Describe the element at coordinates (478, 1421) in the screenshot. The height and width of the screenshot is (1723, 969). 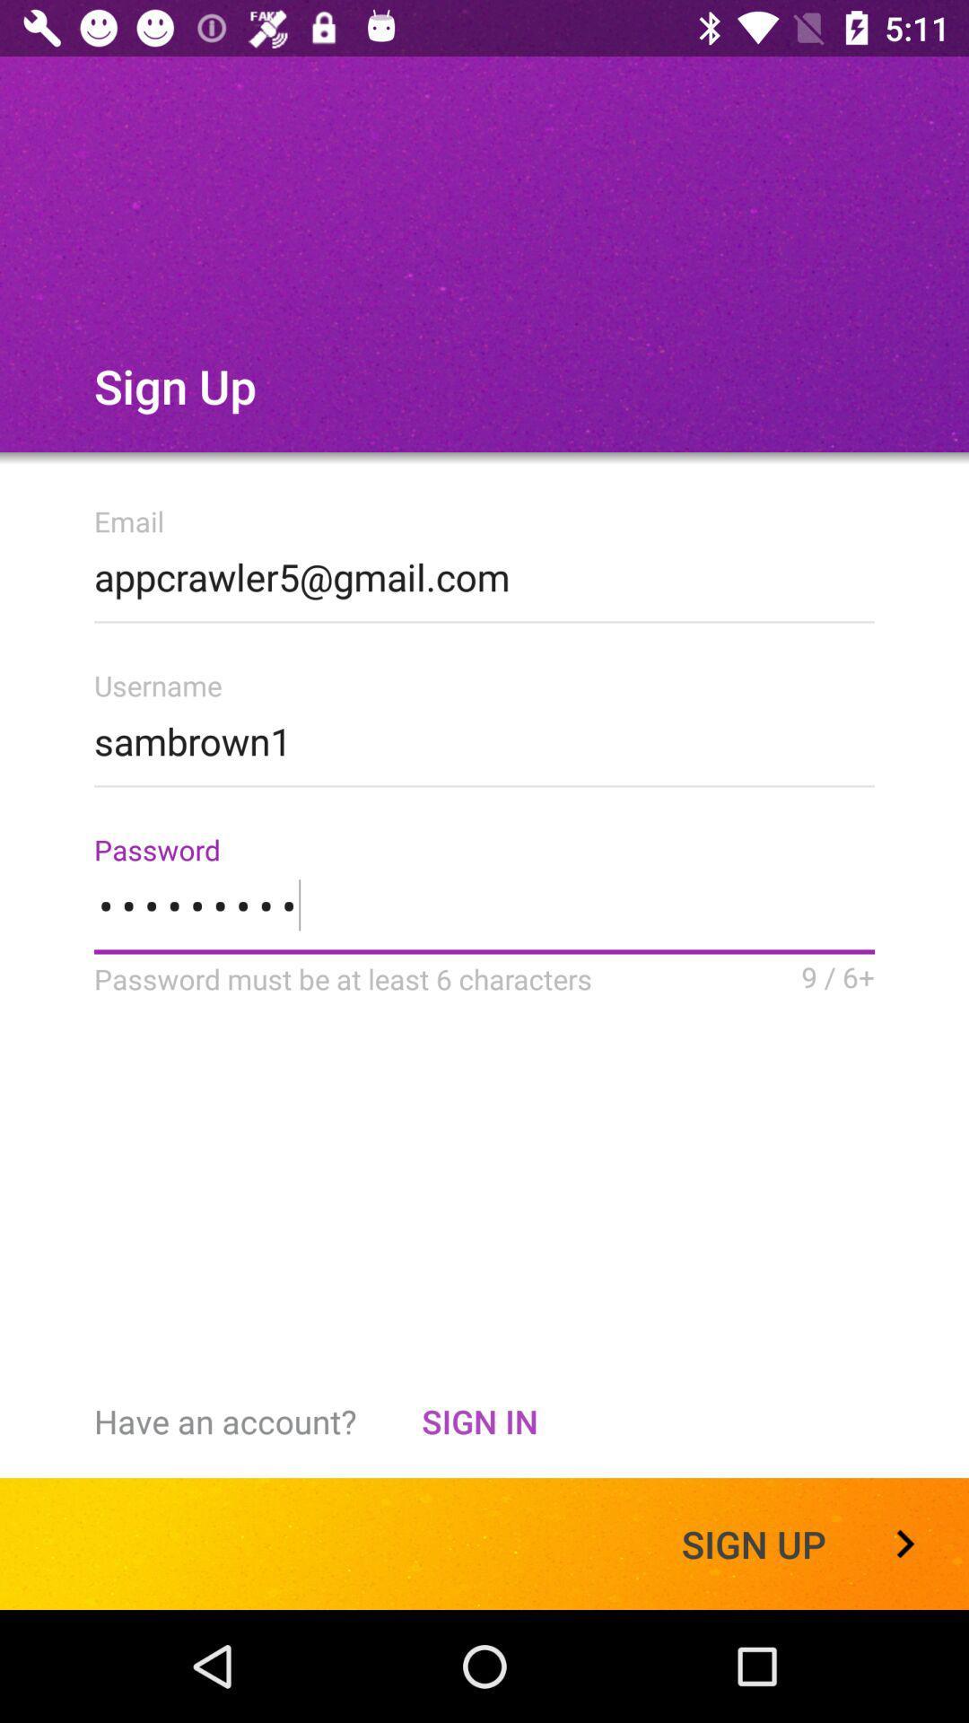
I see `sign in icon` at that location.